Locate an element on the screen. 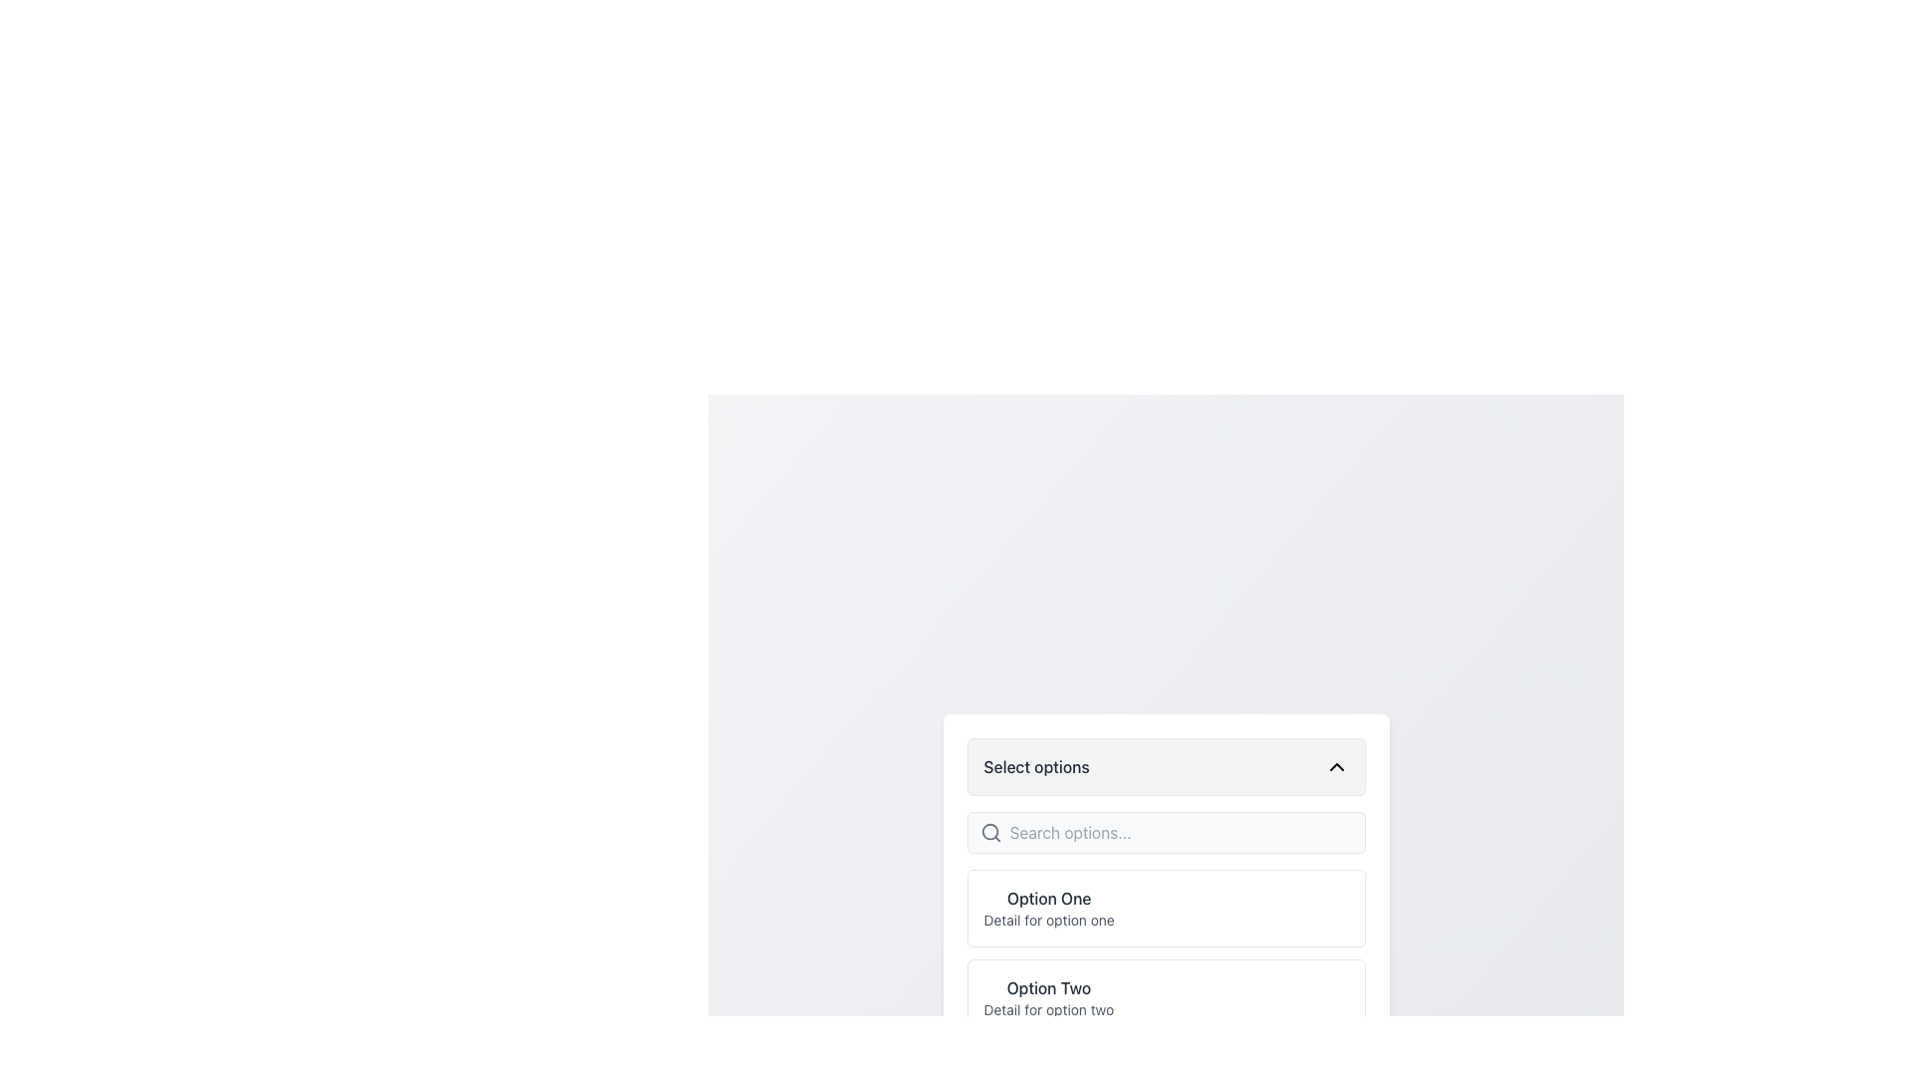 The width and height of the screenshot is (1913, 1076). the text label displaying 'Detail for option one', which is styled in gray and positioned below 'Option One' in the dropdown menu options is located at coordinates (1048, 921).